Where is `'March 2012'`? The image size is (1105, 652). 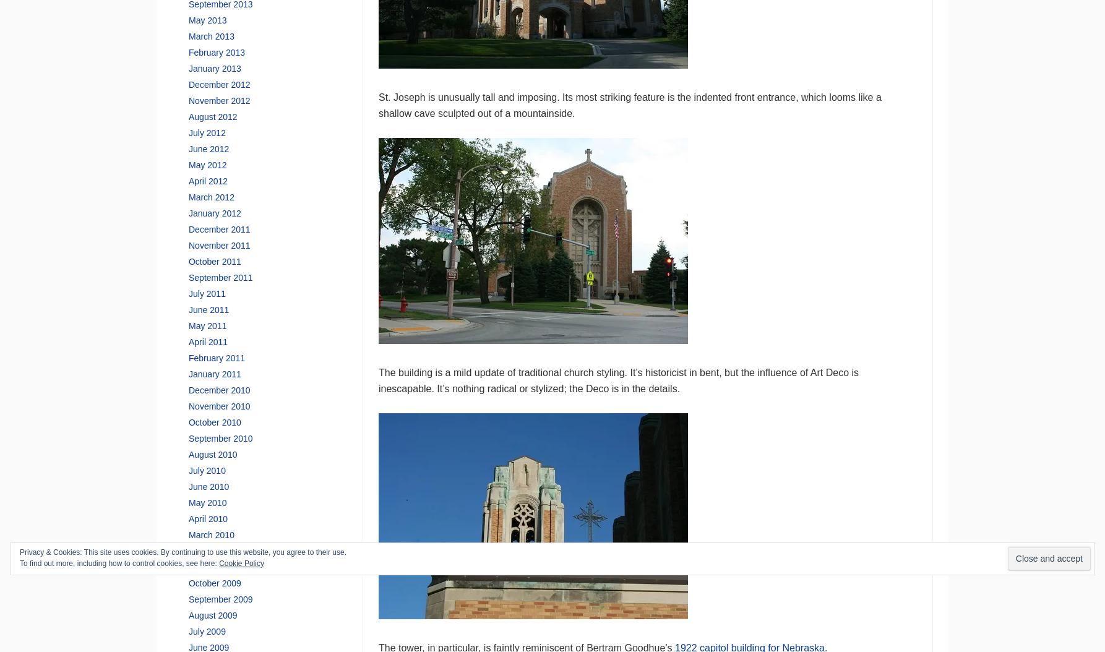 'March 2012' is located at coordinates (210, 196).